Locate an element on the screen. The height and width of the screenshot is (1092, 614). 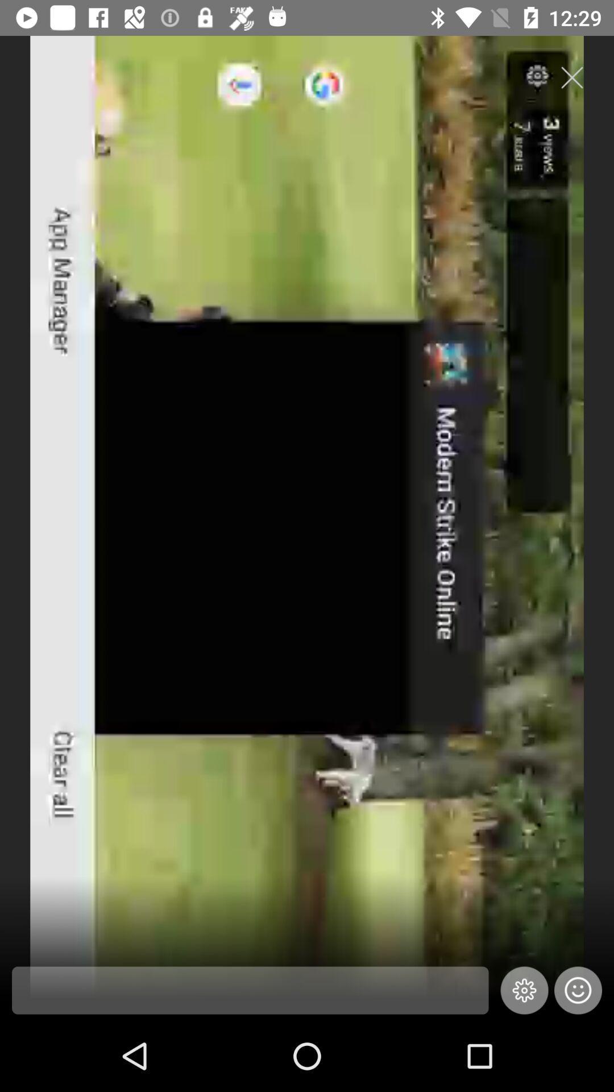
the settings icon is located at coordinates (524, 990).